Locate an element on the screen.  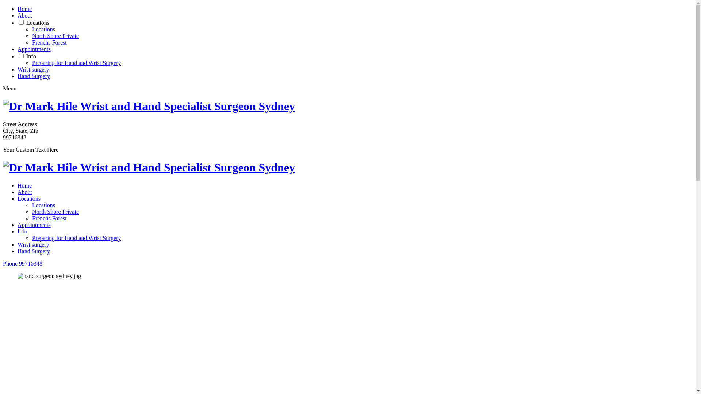
'Hand Surgery' is located at coordinates (33, 251).